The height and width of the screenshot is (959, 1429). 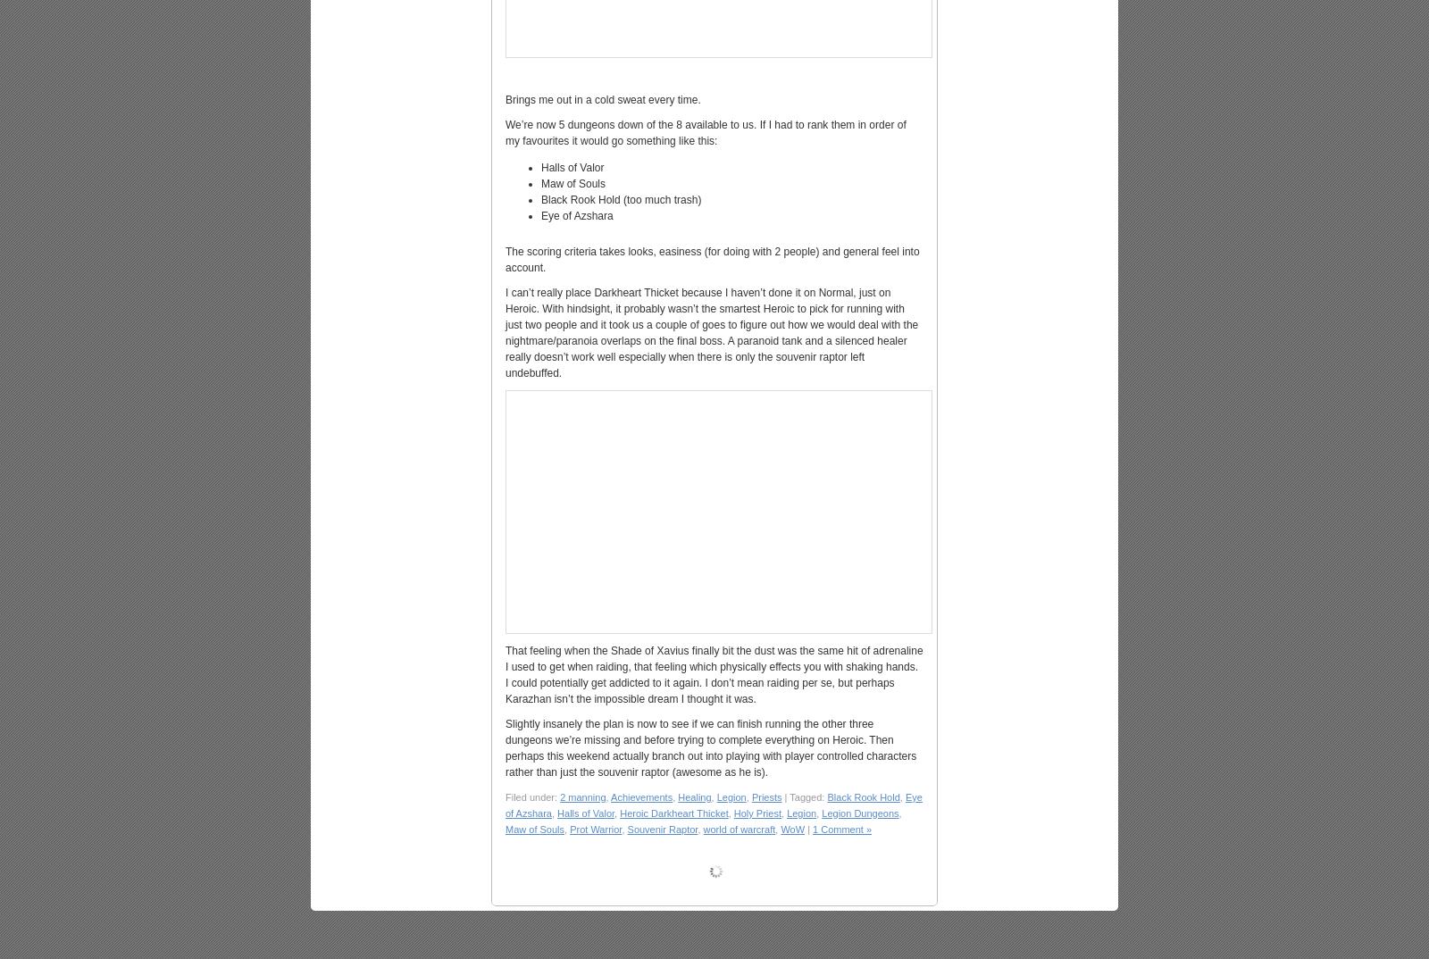 I want to click on 'Healing', so click(x=694, y=796).